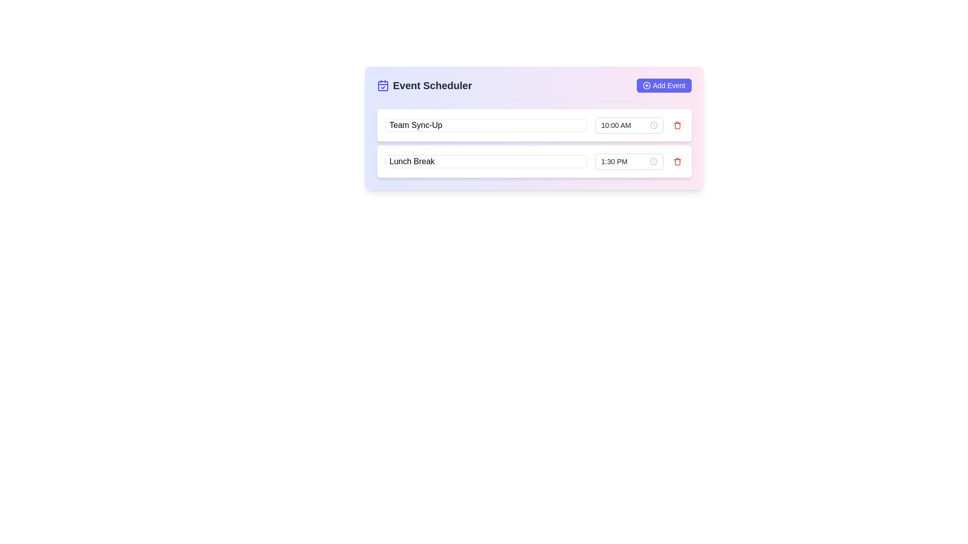 Image resolution: width=968 pixels, height=544 pixels. I want to click on a time using the time picker in the Composite UI Component located below the 'Team Sync-Up' section, which contains a text field displaying 'Lunch Break' and a delete button, so click(533, 161).